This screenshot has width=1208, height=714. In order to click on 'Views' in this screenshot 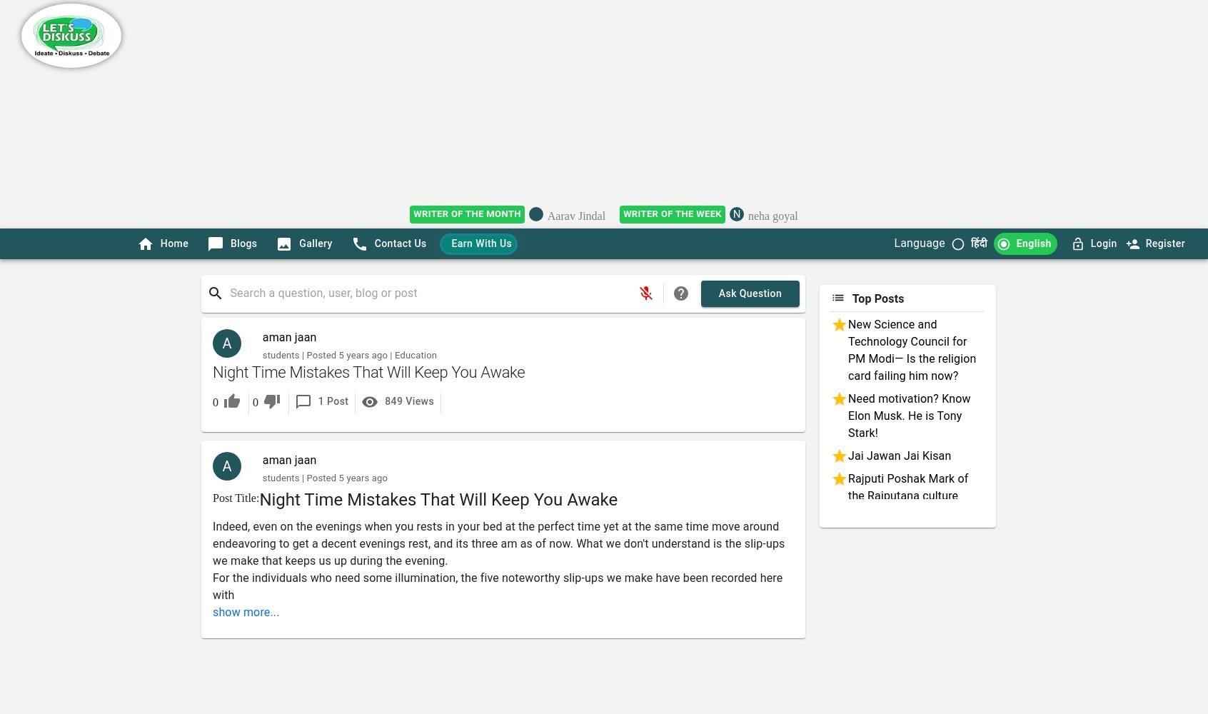, I will do `click(402, 401)`.